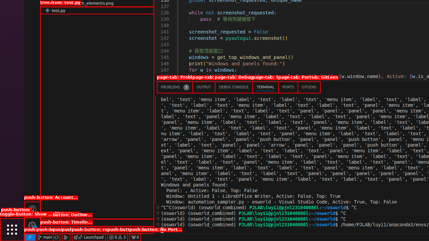 The height and width of the screenshot is (241, 429). What do you see at coordinates (66, 237) in the screenshot?
I see `'Show the GitLens Commit Graph'` at bounding box center [66, 237].